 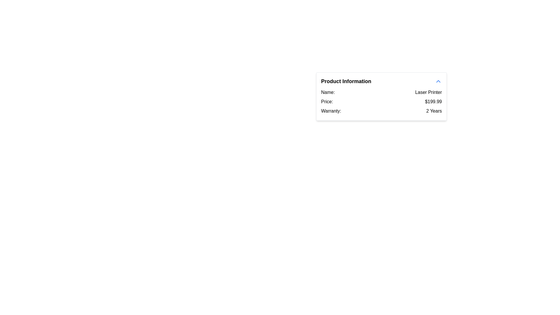 What do you see at coordinates (434, 111) in the screenshot?
I see `the information displayed by the text label showing '2 Years', which is part of the warranty details in the product information card` at bounding box center [434, 111].